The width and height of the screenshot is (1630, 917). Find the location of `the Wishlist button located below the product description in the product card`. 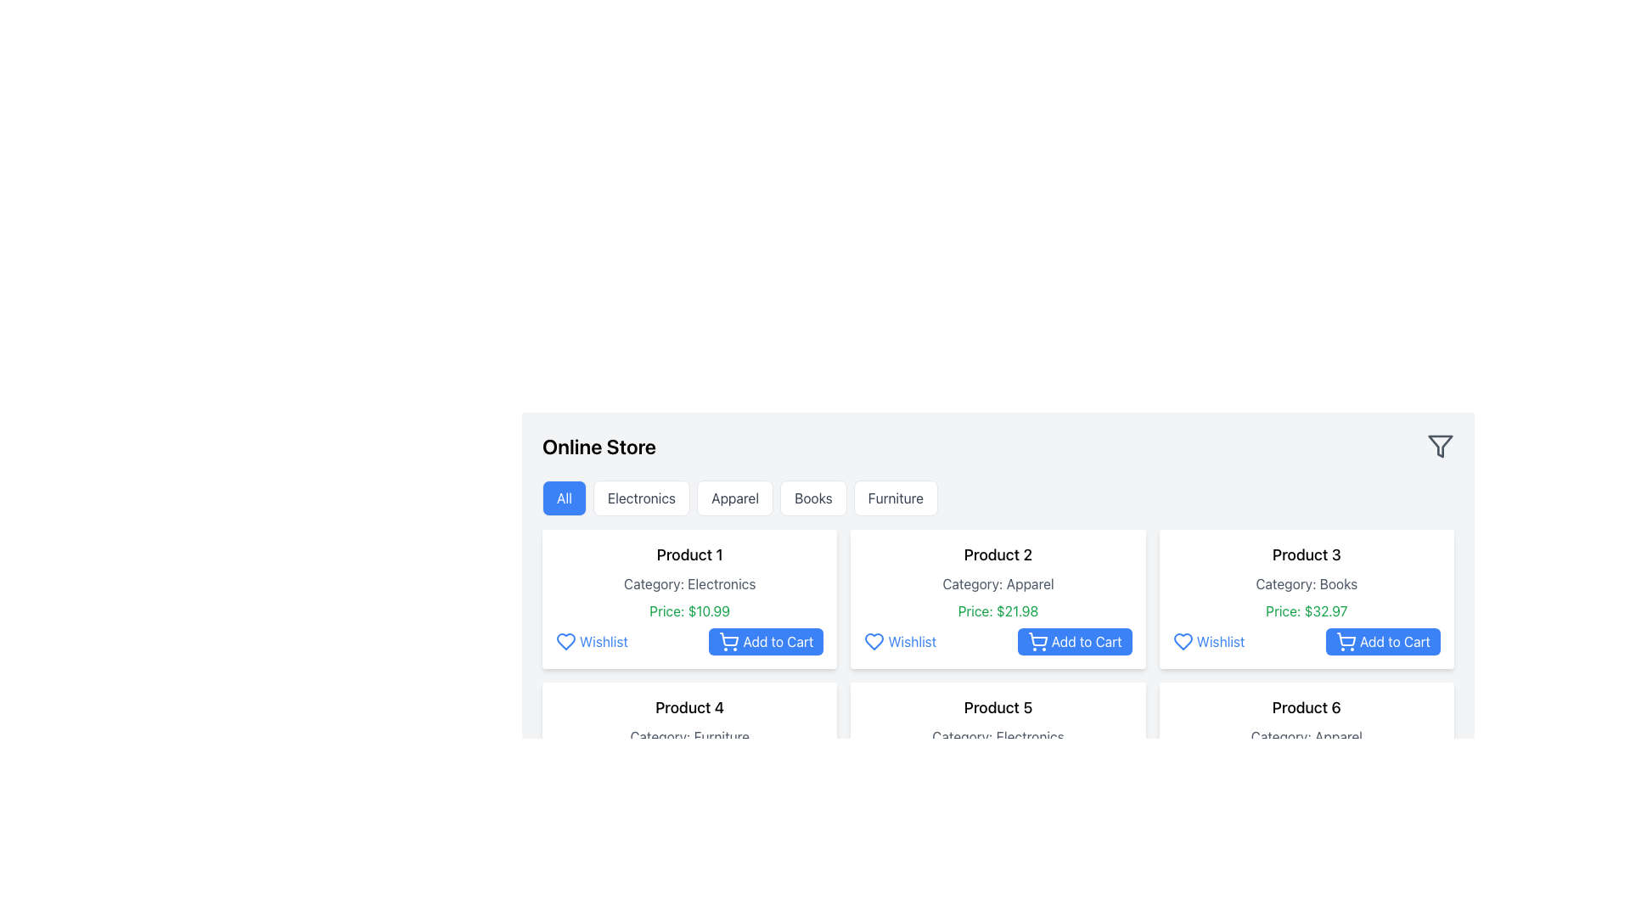

the Wishlist button located below the product description in the product card is located at coordinates (591, 642).